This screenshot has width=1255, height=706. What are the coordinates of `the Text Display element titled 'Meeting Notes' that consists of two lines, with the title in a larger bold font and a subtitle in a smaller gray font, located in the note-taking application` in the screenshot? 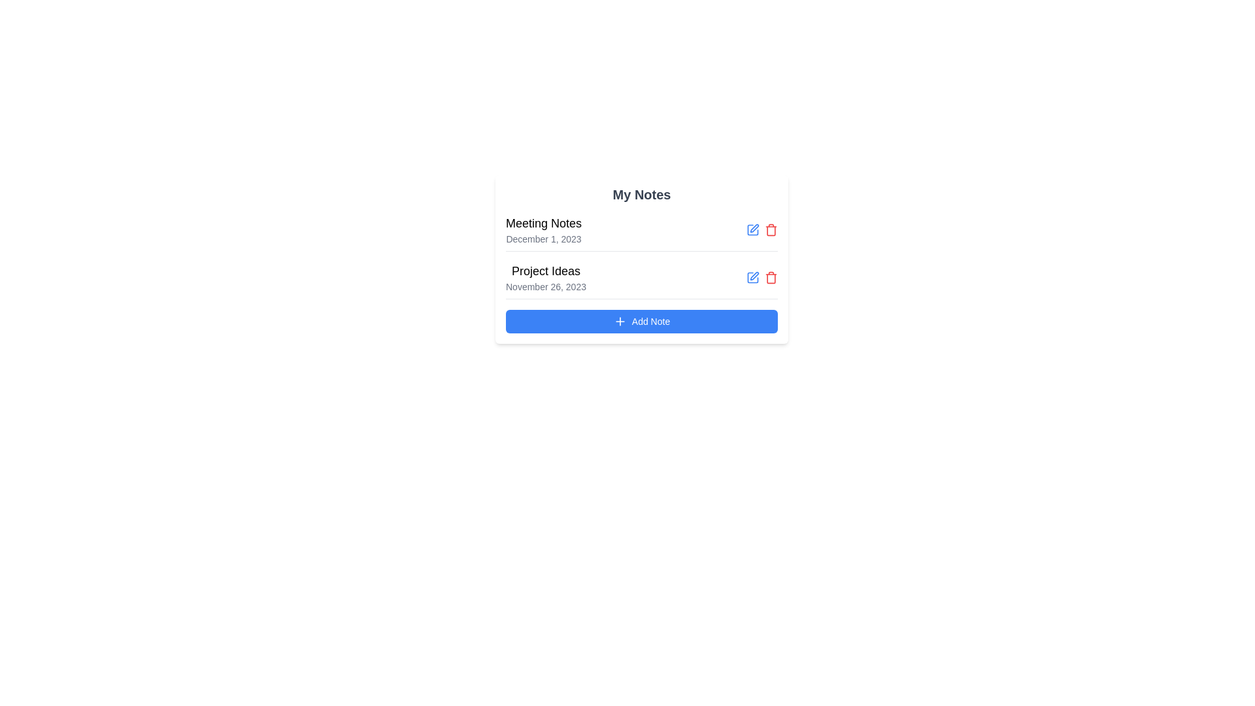 It's located at (543, 229).